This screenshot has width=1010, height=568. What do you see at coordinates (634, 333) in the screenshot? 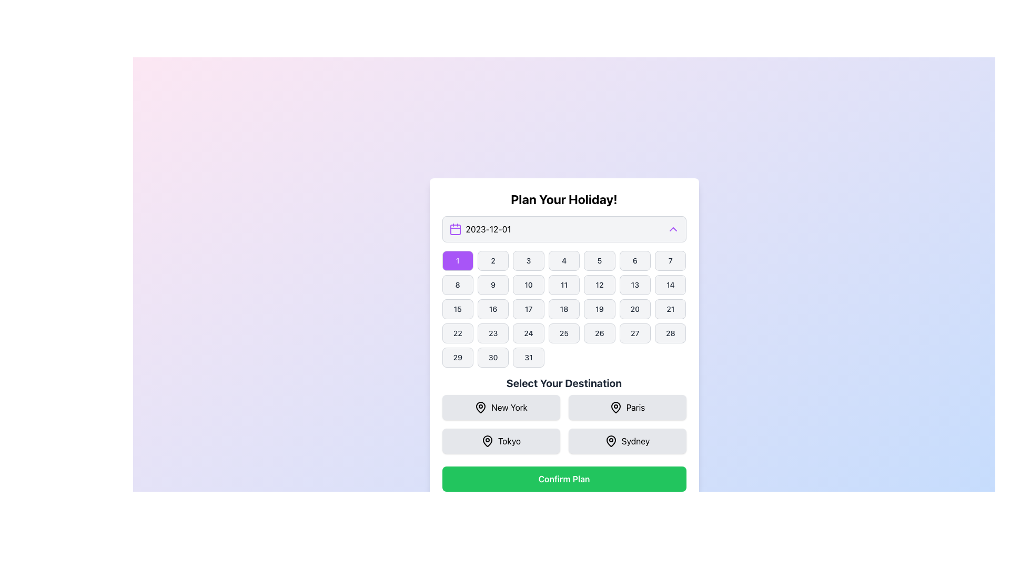
I see `the selectable date button for '27' in the calendar grid, located at the fourth row and sixth column` at bounding box center [634, 333].